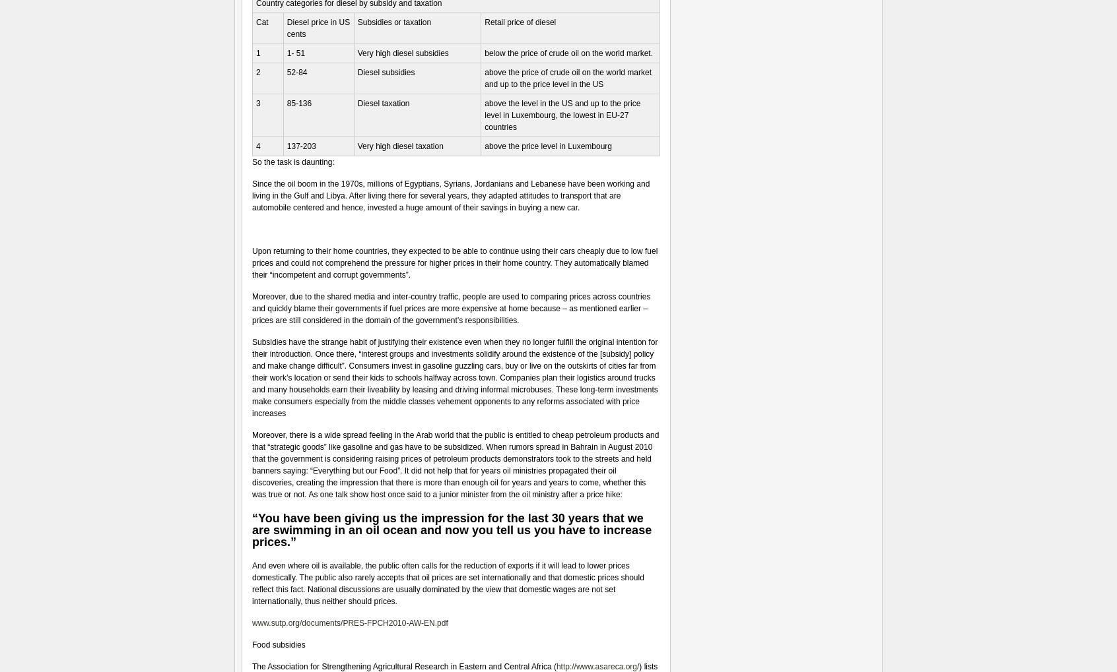  Describe the element at coordinates (285, 71) in the screenshot. I see `'52-84'` at that location.